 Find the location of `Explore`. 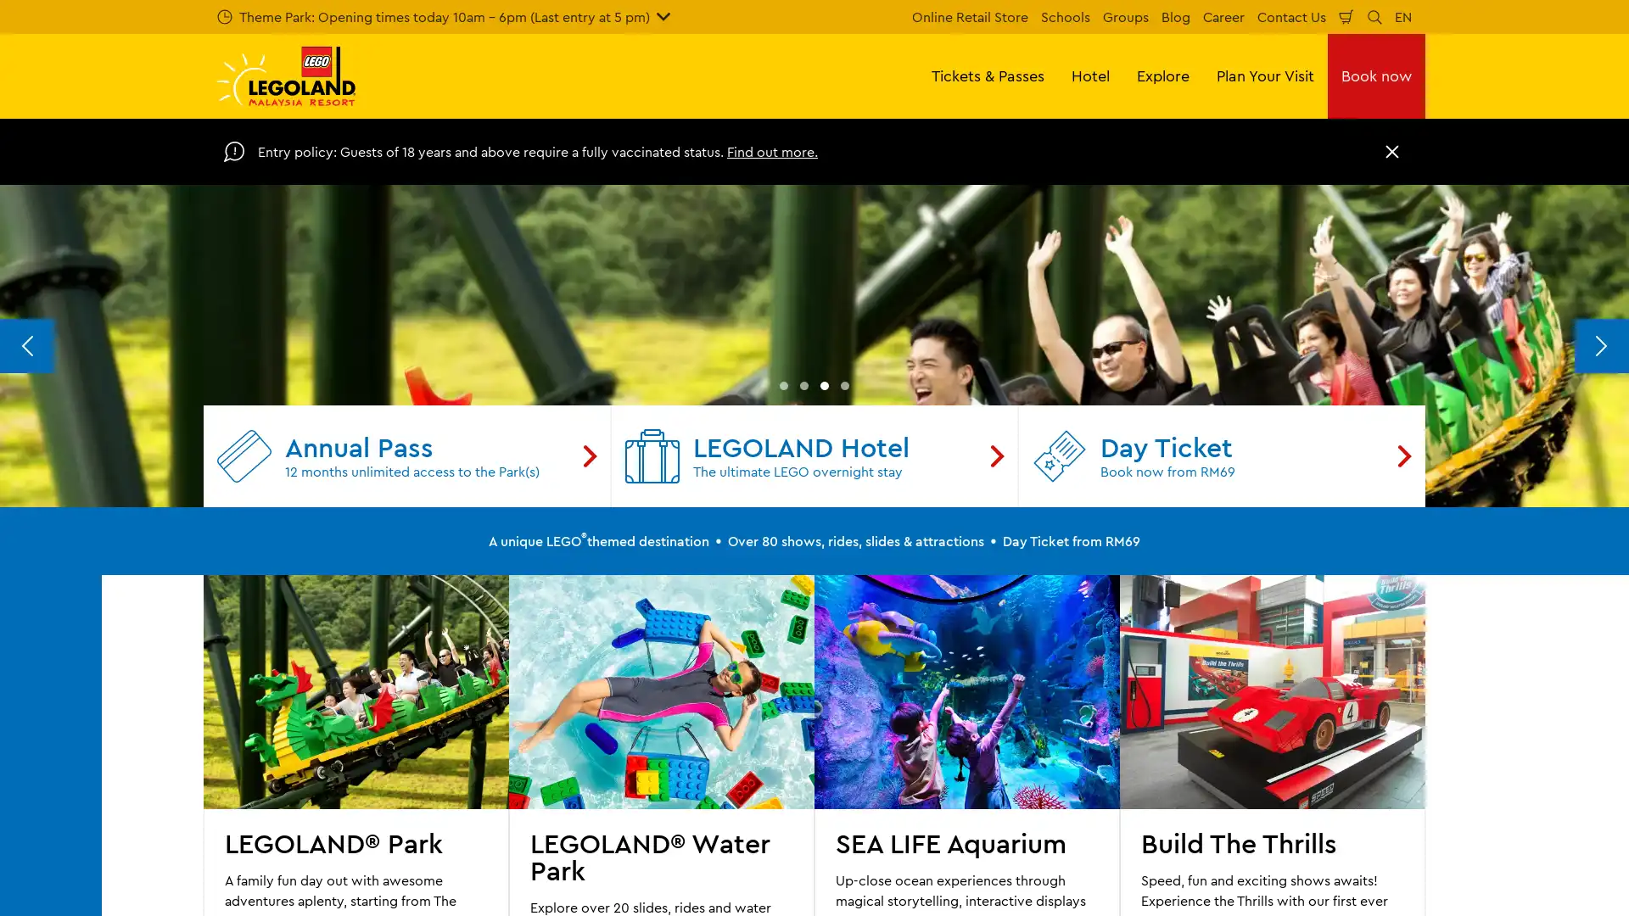

Explore is located at coordinates (1162, 75).